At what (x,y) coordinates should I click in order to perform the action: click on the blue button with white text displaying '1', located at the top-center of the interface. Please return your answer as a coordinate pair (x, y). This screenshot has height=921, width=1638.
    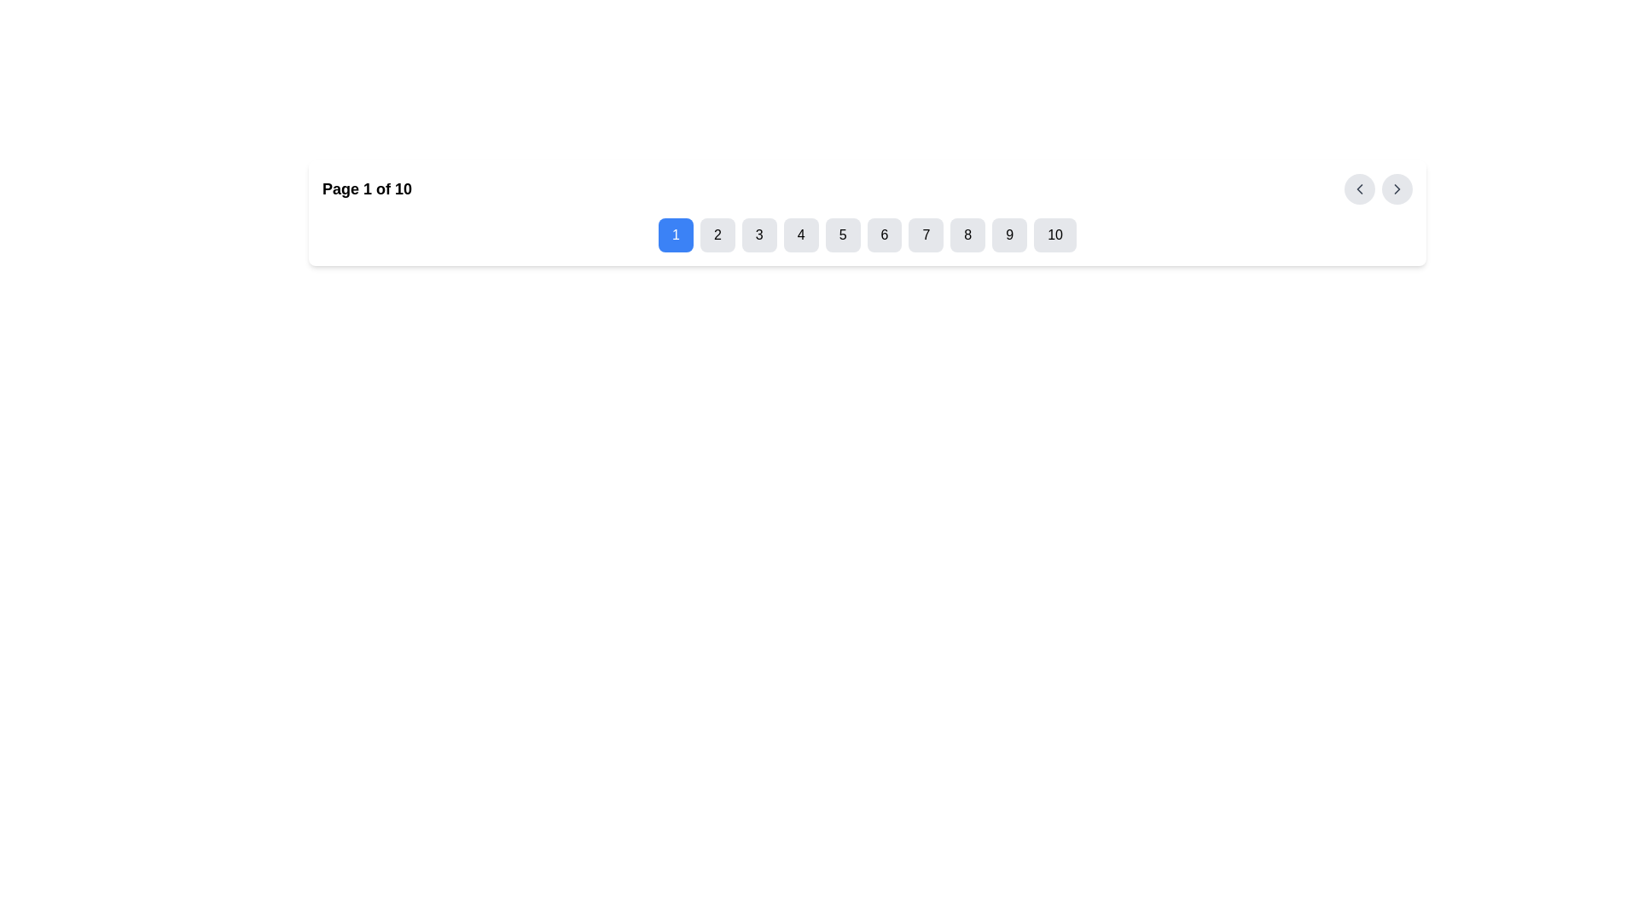
    Looking at the image, I should click on (675, 235).